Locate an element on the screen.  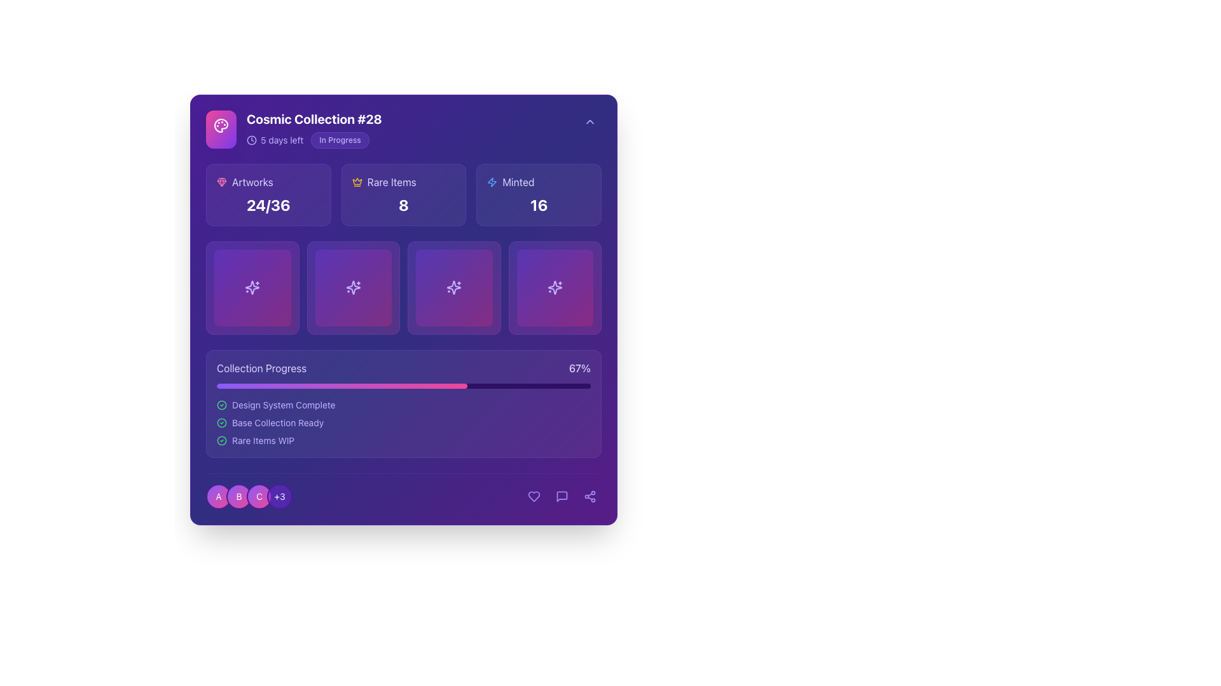
the static text element displaying the progress percentage of '67%' located at the far right of the 'Collection Progress' section, aligned with the label 'Collection Progress' is located at coordinates (579, 368).